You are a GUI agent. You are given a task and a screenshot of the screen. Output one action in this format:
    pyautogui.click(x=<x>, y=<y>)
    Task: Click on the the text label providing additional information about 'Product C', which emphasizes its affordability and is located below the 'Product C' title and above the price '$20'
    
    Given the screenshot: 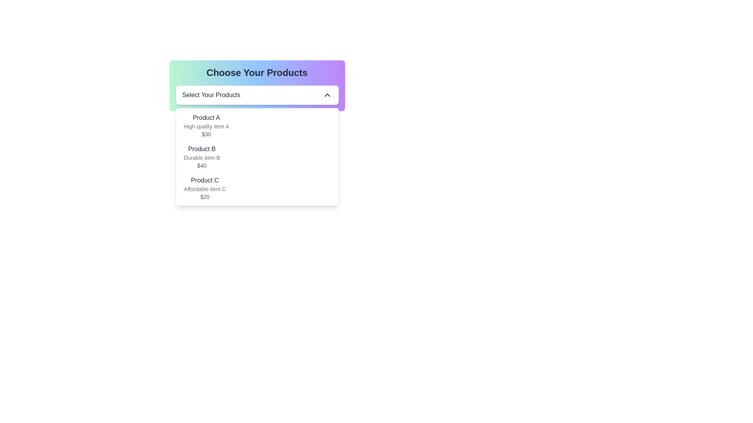 What is the action you would take?
    pyautogui.click(x=205, y=189)
    